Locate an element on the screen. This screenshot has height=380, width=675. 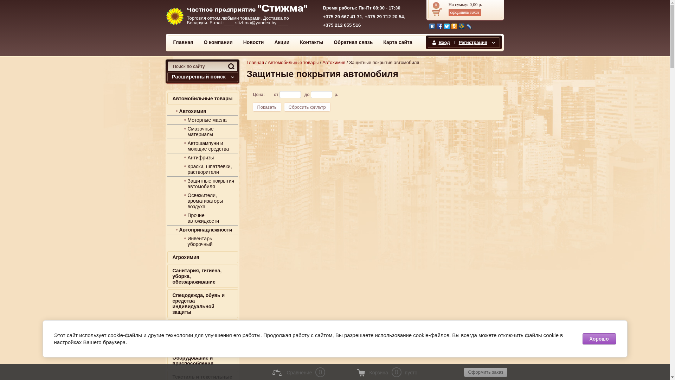
'Facebook' is located at coordinates (439, 26).